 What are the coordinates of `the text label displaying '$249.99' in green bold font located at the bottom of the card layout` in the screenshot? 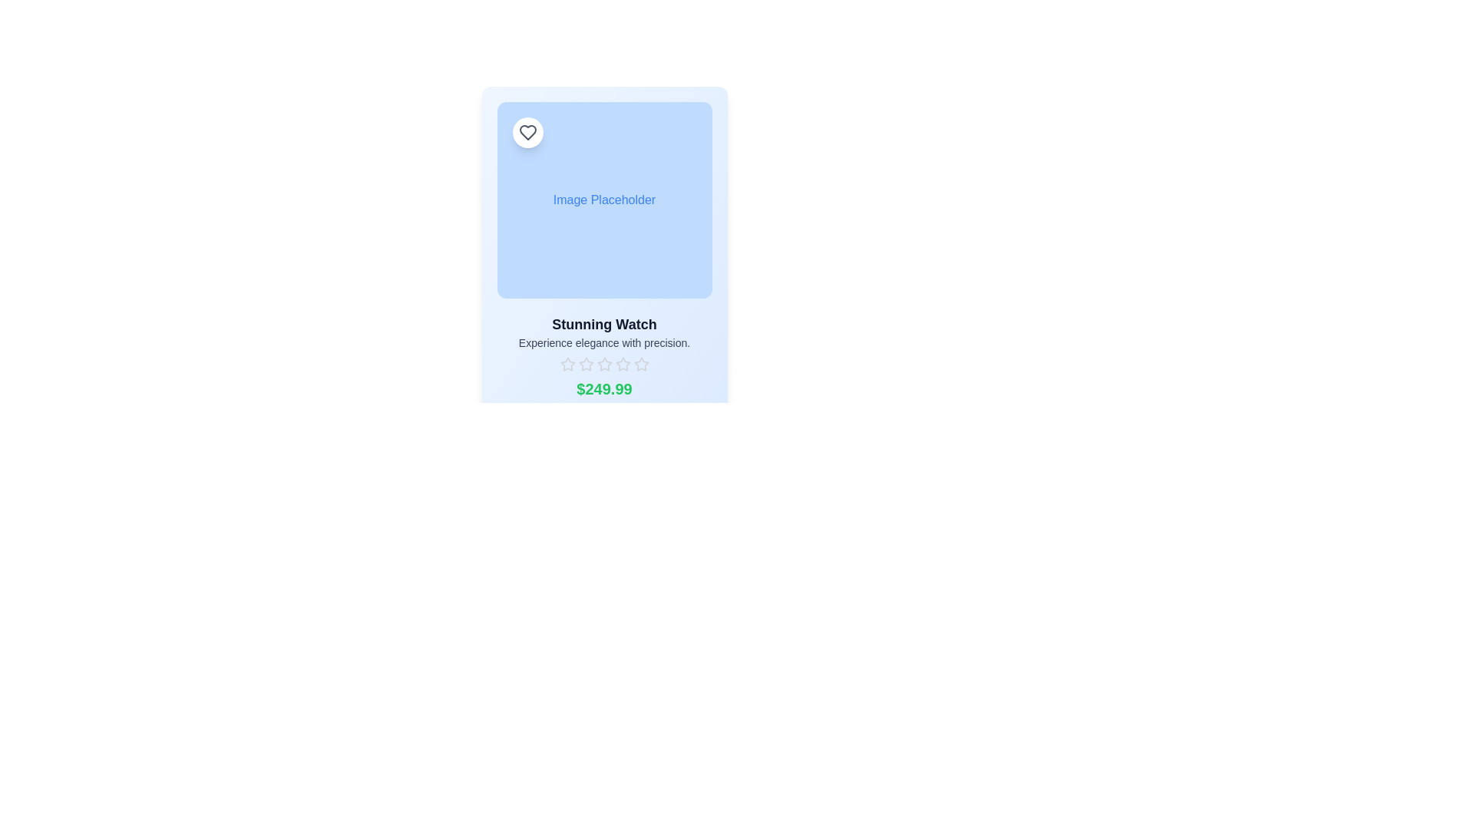 It's located at (603, 388).